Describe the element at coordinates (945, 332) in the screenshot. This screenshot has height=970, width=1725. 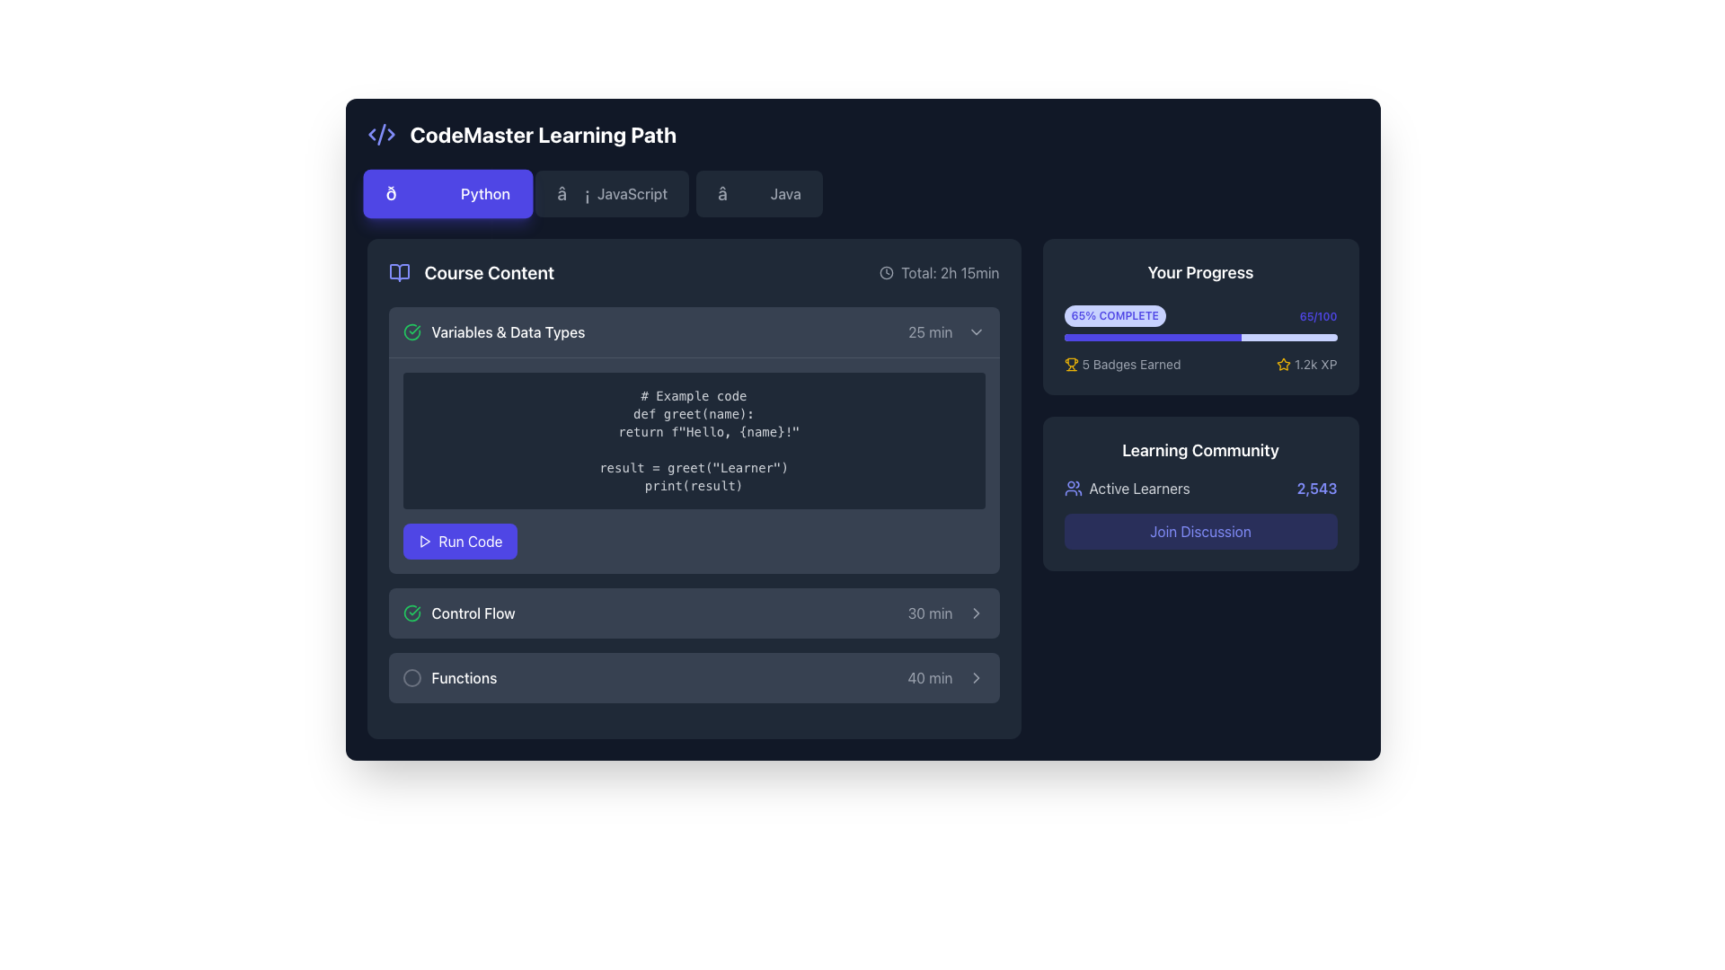
I see `the downward-facing chevron icon next to the '25 min' text` at that location.